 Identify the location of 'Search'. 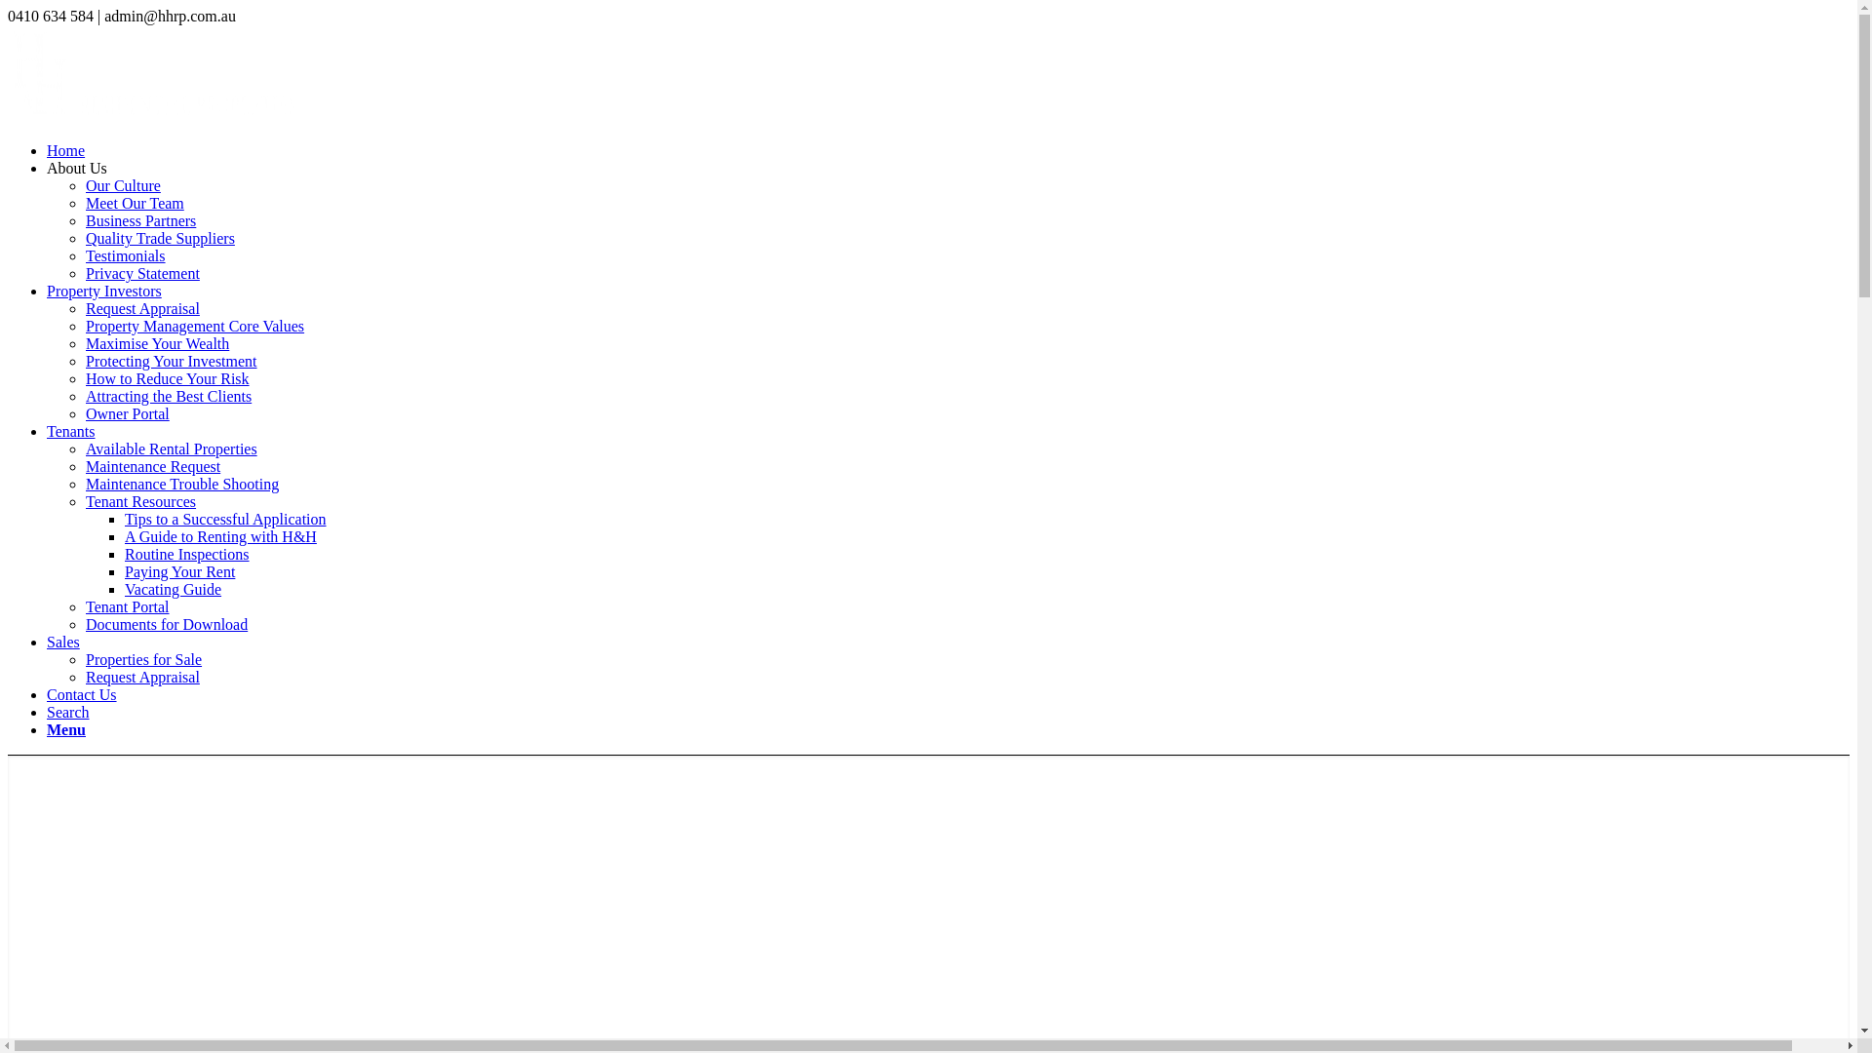
(68, 712).